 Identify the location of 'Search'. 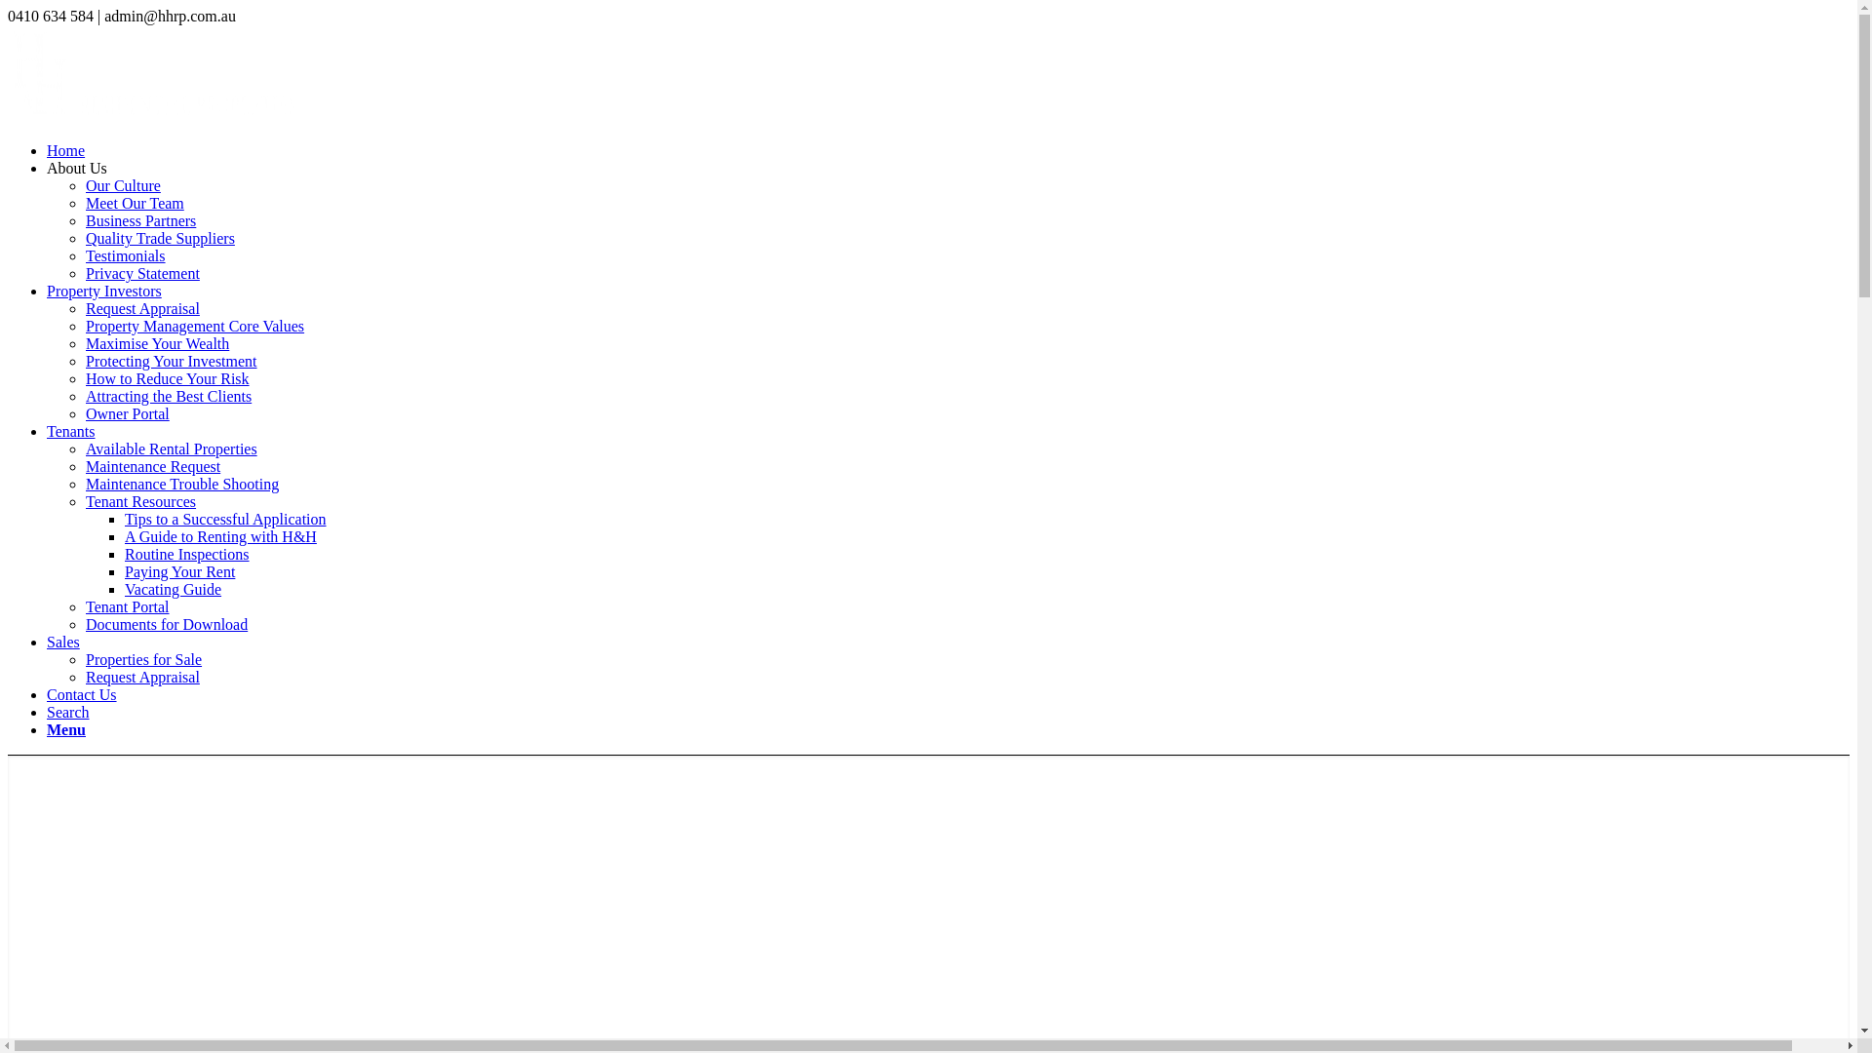
(68, 712).